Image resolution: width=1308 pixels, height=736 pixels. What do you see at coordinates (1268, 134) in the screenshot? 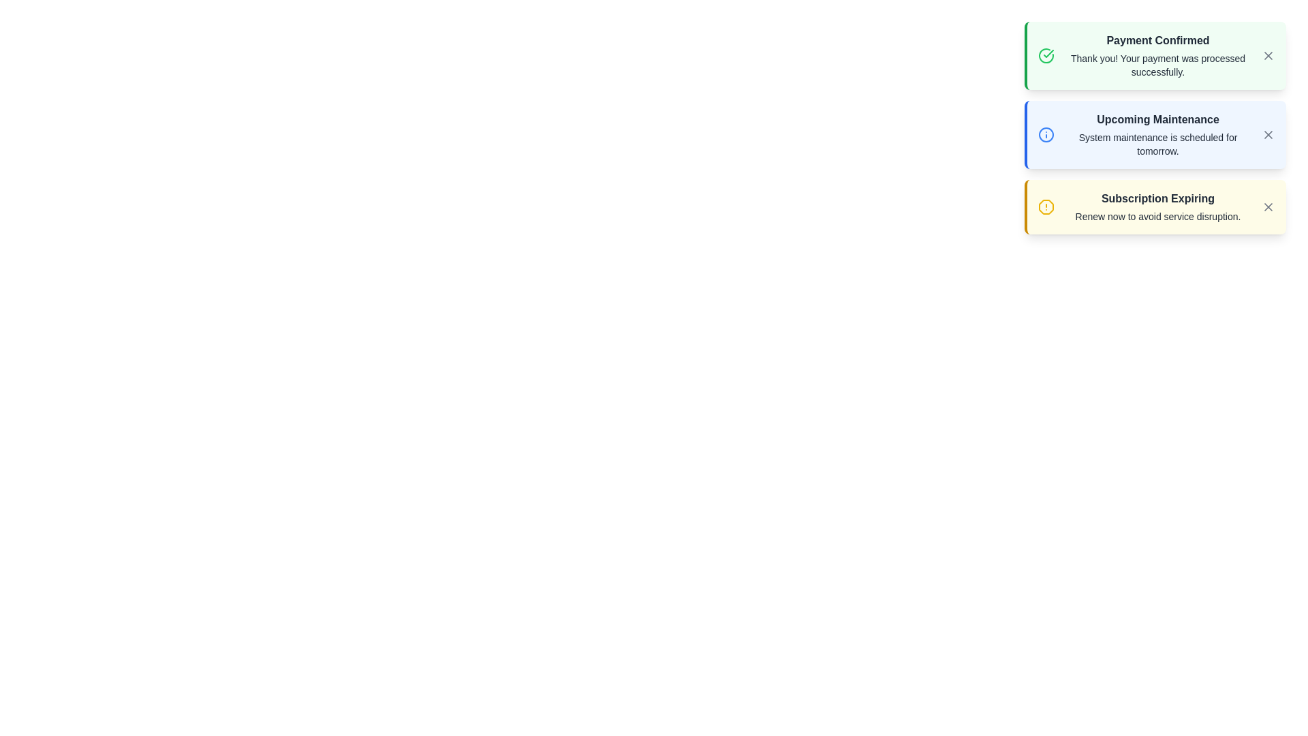
I see `close button of the notification with the title 'Upcoming Maintenance'` at bounding box center [1268, 134].